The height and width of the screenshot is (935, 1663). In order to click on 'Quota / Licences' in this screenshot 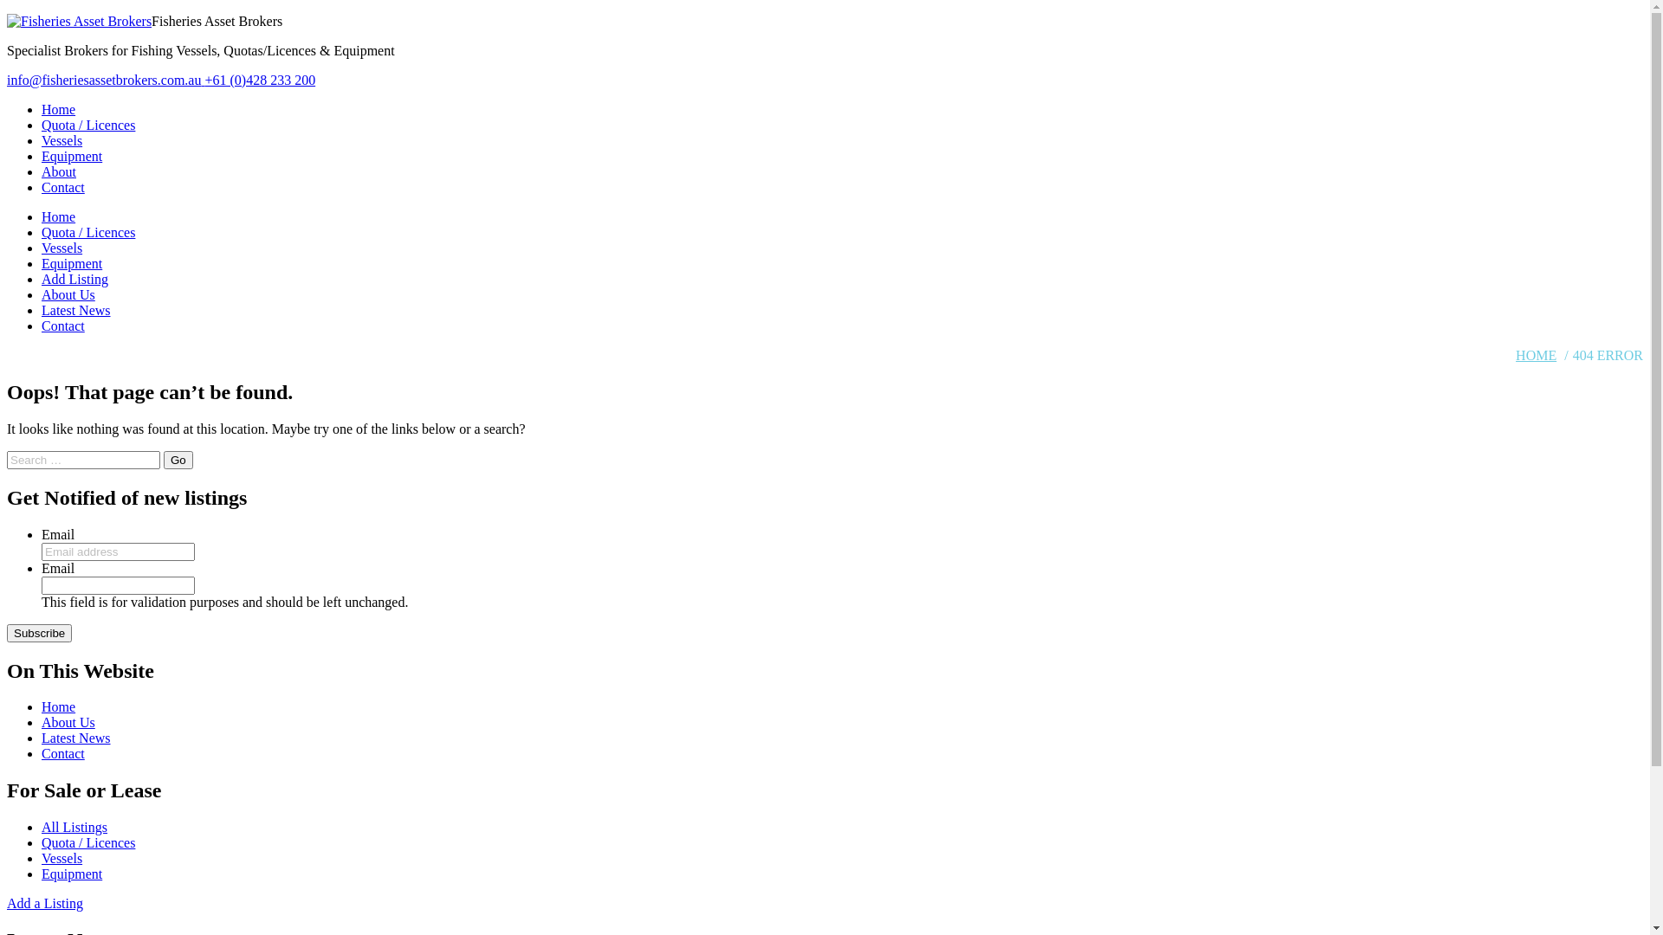, I will do `click(87, 231)`.